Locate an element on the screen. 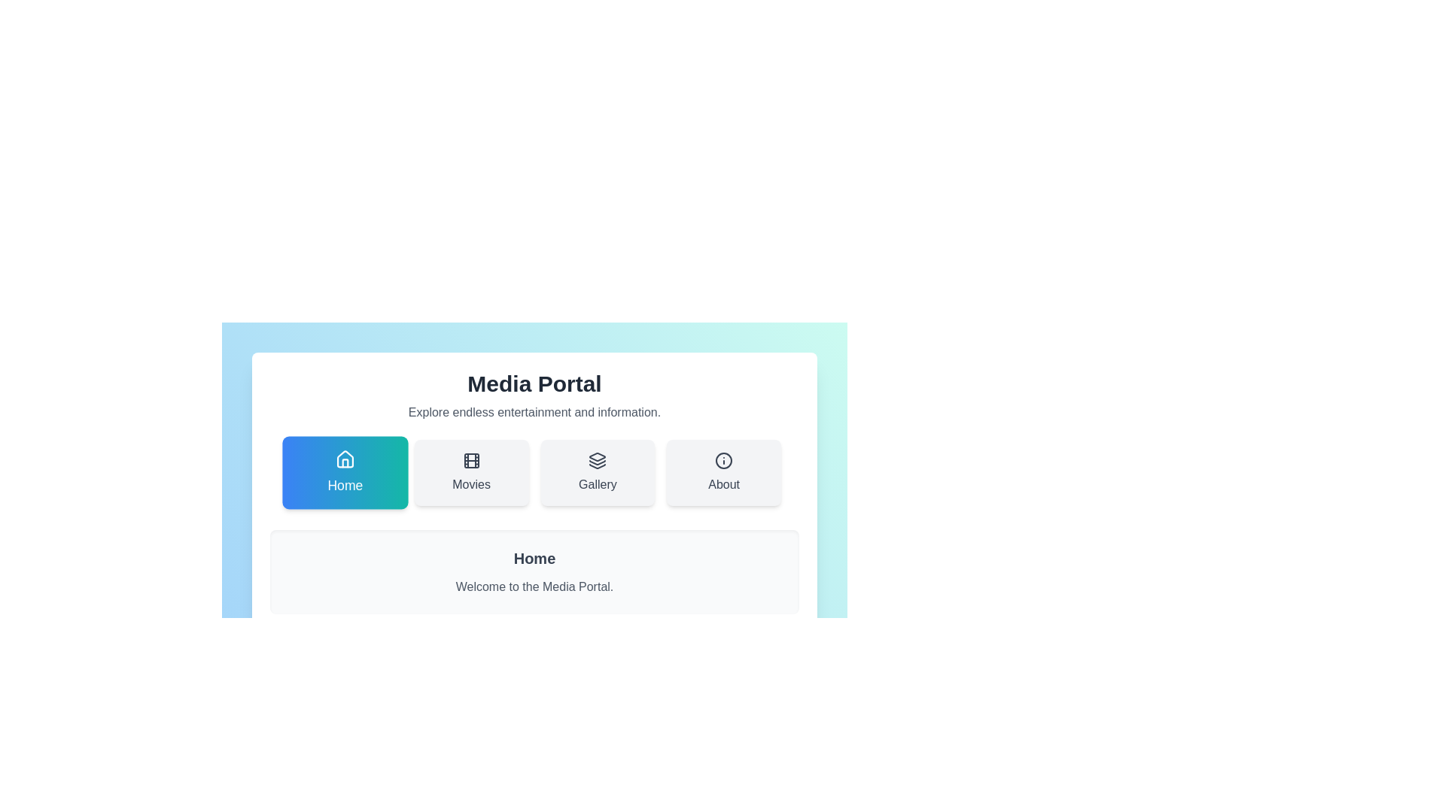 The width and height of the screenshot is (1445, 812). the house icon located within the 'Home' button on the left side of the main menu, which features a blue background and is styled with a triangular roof and rectangular door is located at coordinates (344, 458).